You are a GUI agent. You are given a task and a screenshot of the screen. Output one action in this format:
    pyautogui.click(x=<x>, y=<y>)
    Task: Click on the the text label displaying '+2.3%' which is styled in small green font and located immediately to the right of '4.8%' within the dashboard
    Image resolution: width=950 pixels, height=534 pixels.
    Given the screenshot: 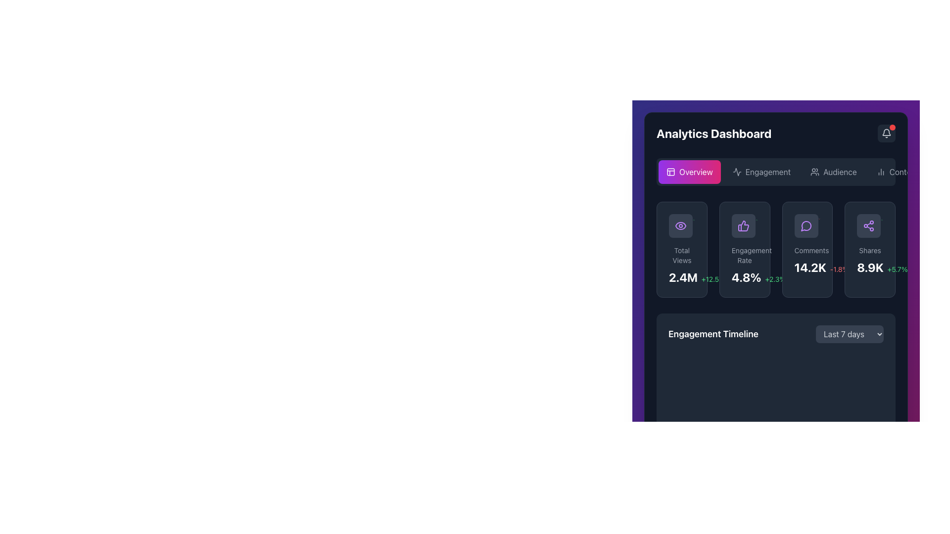 What is the action you would take?
    pyautogui.click(x=775, y=279)
    